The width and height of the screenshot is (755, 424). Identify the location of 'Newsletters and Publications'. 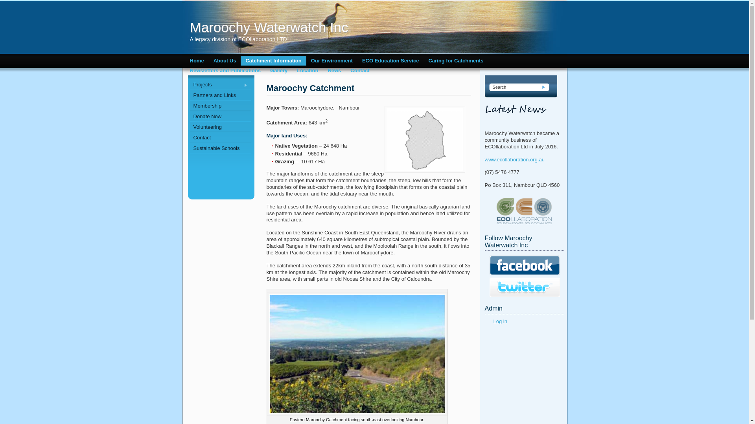
(225, 70).